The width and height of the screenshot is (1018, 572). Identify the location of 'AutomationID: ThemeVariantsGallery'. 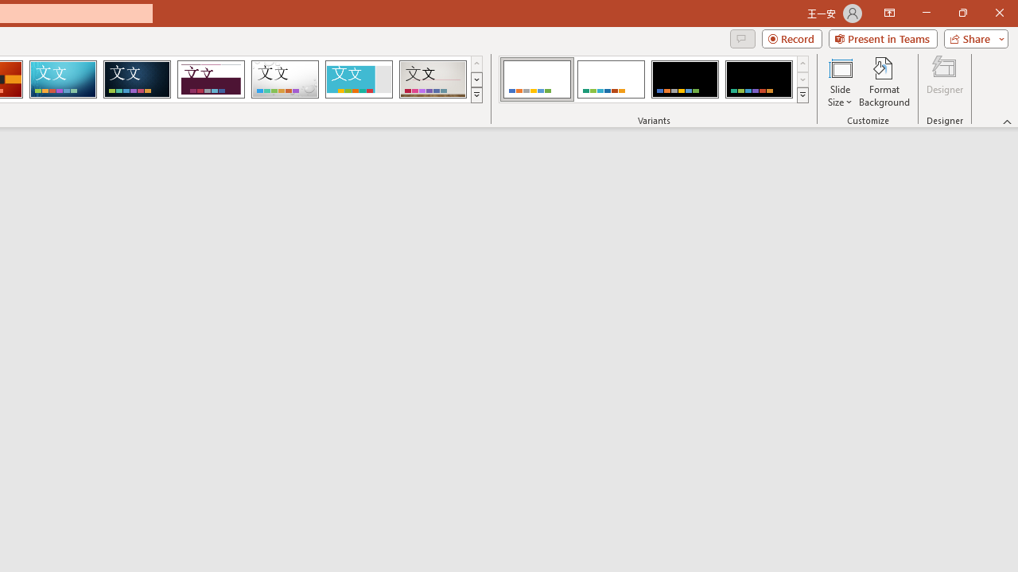
(655, 79).